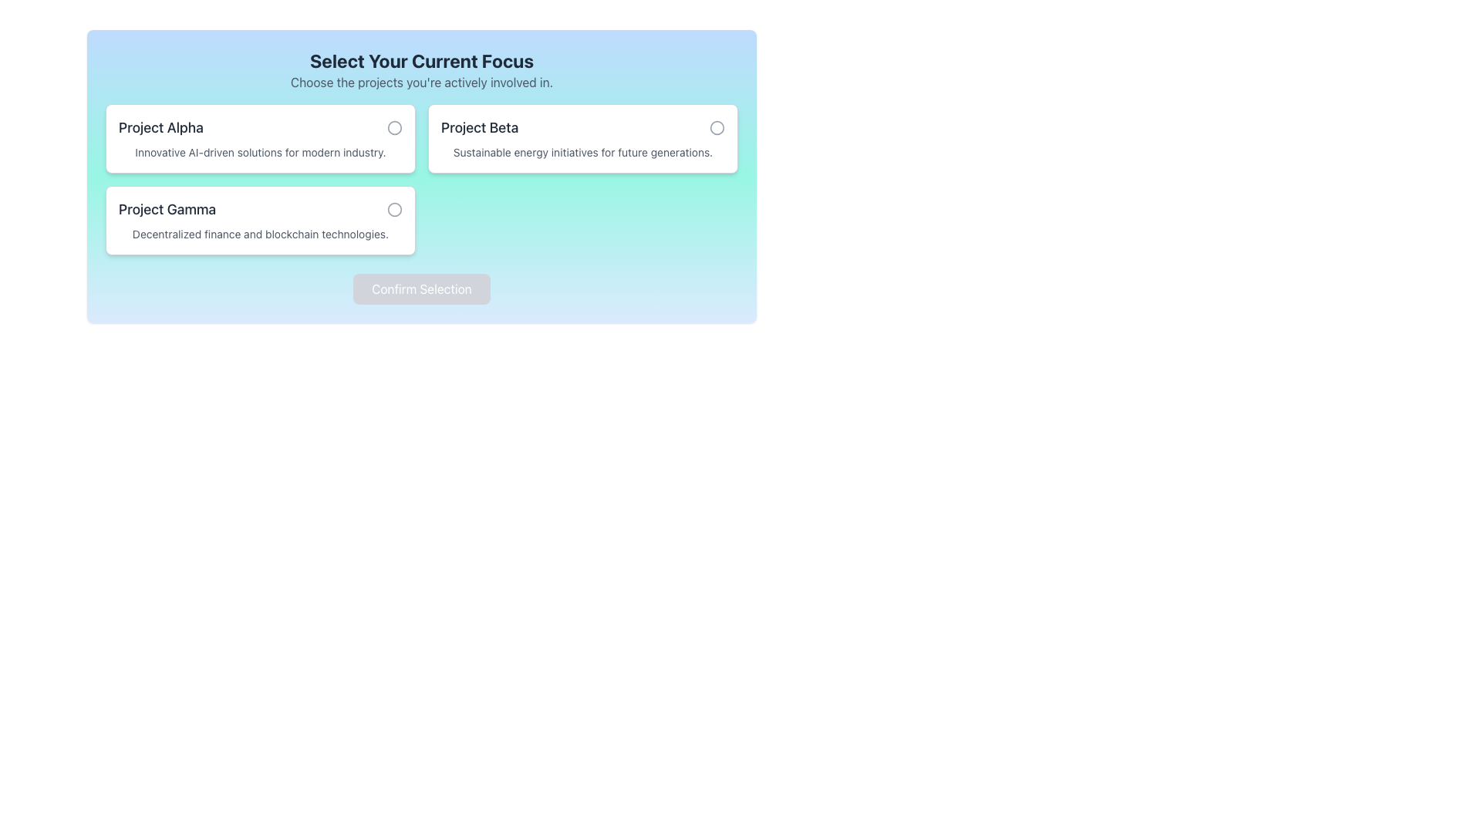  Describe the element at coordinates (422, 288) in the screenshot. I see `the confirmation button located beneath the list of project options to observe its hover effects` at that location.